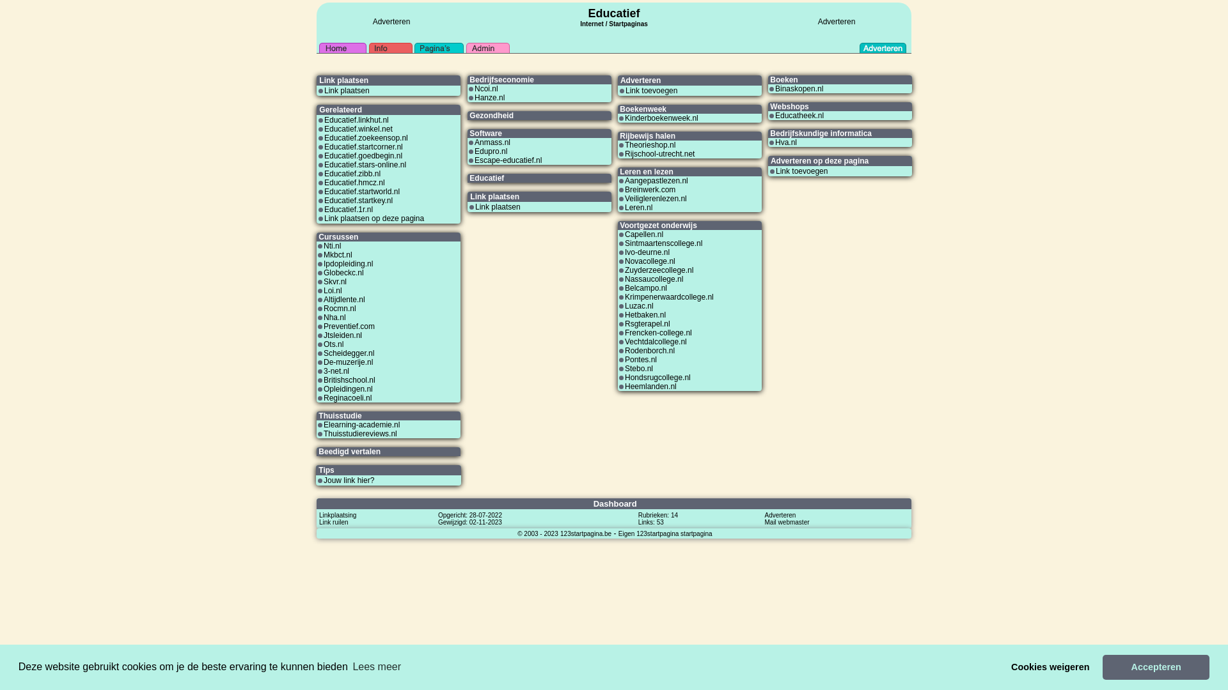 Image resolution: width=1228 pixels, height=690 pixels. What do you see at coordinates (374, 218) in the screenshot?
I see `'Link plaatsen op deze pagina'` at bounding box center [374, 218].